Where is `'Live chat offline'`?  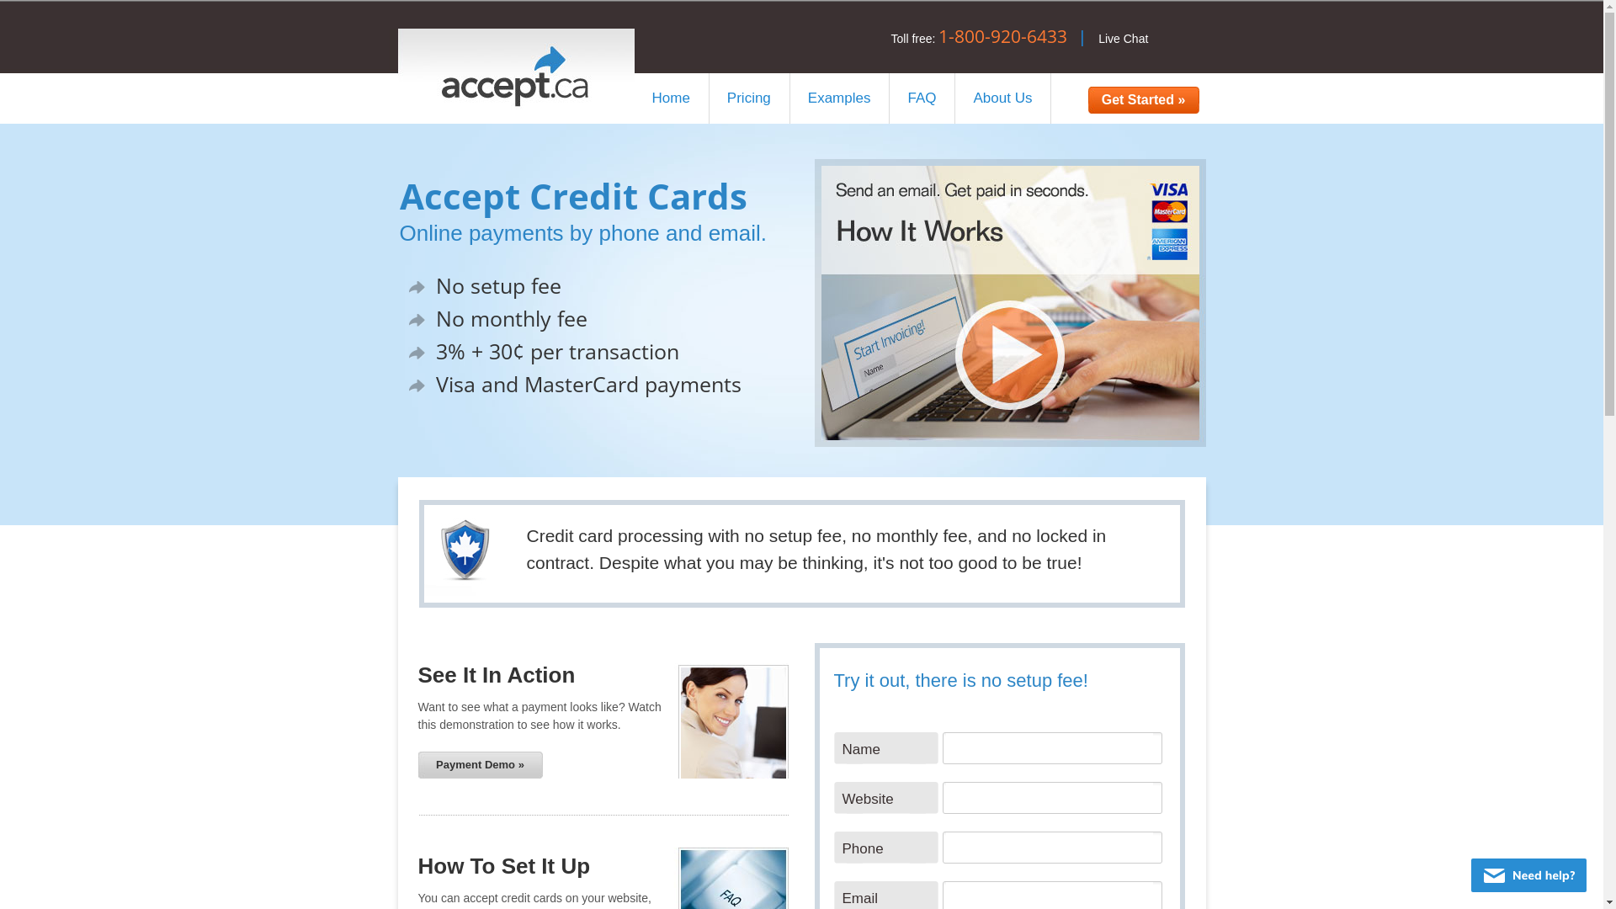
'Live chat offline' is located at coordinates (1528, 874).